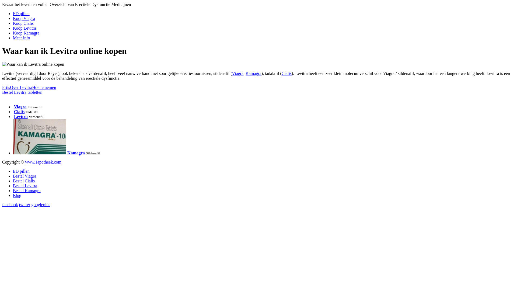 The width and height of the screenshot is (517, 291). I want to click on 'Hoe te nemen', so click(44, 87).